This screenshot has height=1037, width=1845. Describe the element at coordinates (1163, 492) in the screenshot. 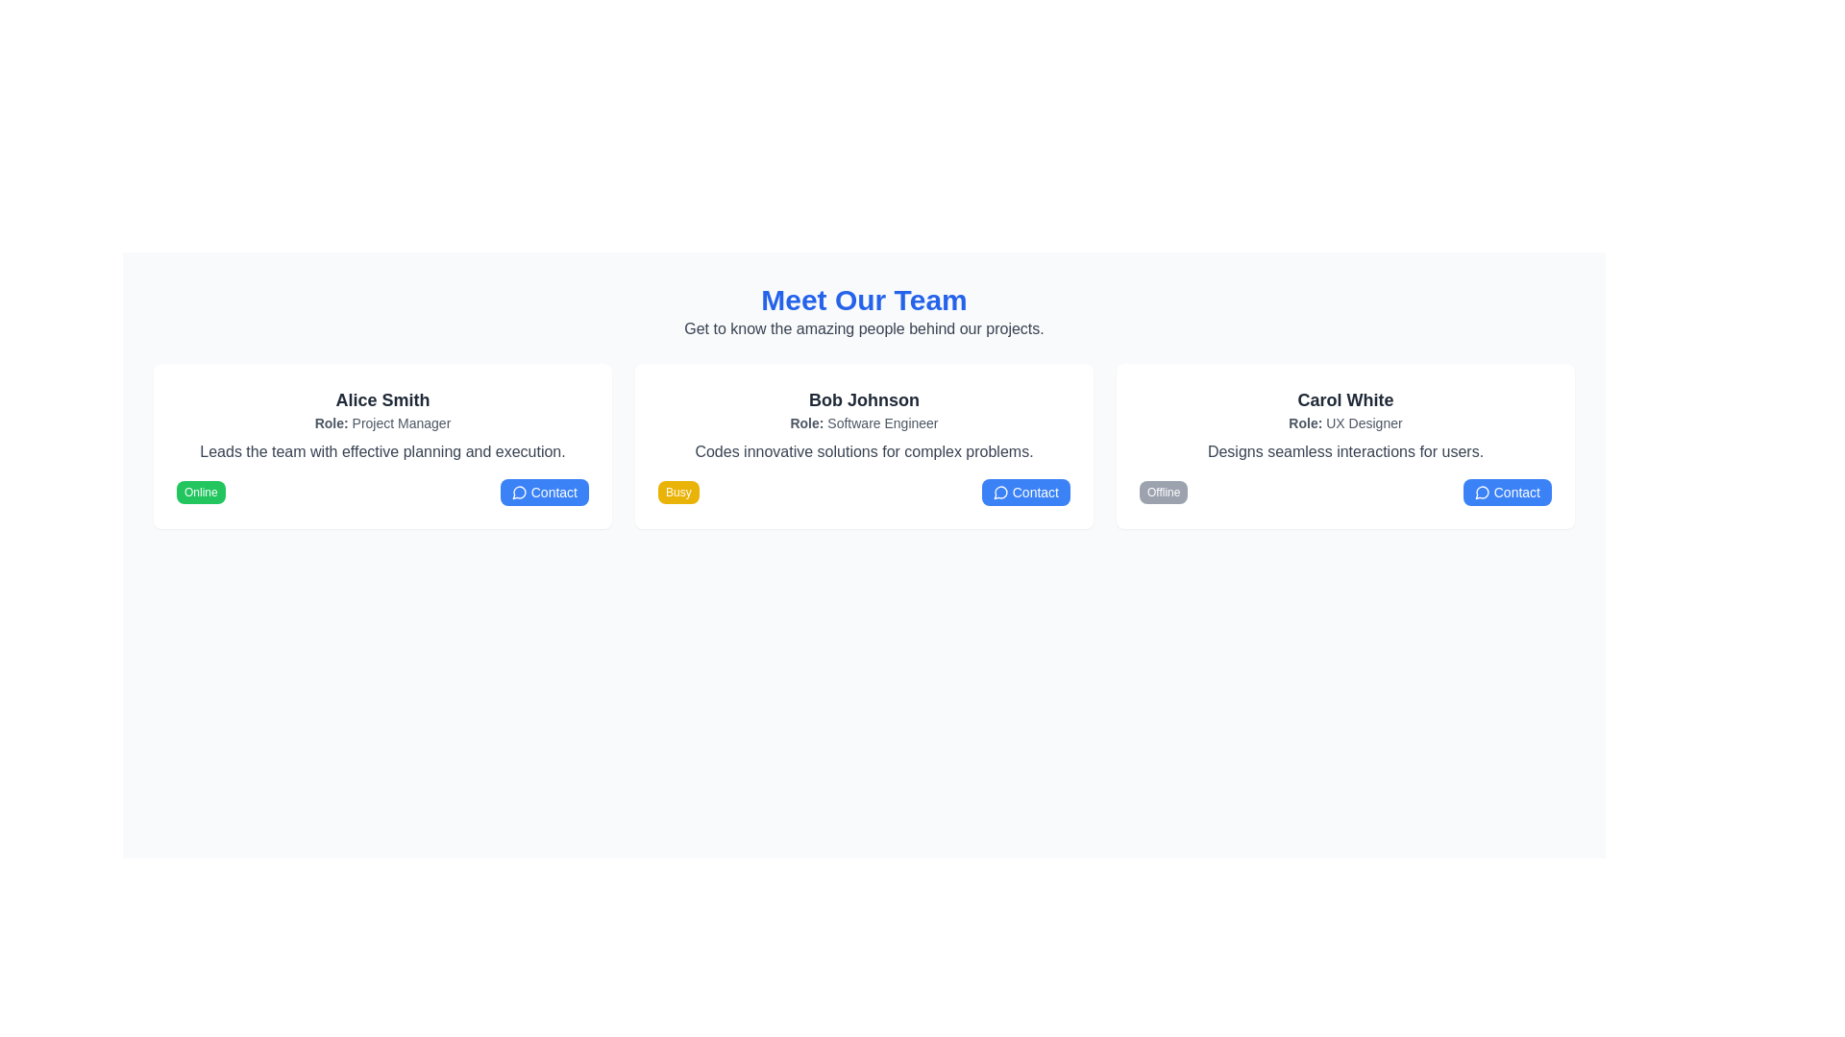

I see `status information from the small rectangular badge with rounded corners and a gray background containing the text 'Offline' in white, located under the title 'Carol White' in the 'Meet Our Team' interface` at that location.